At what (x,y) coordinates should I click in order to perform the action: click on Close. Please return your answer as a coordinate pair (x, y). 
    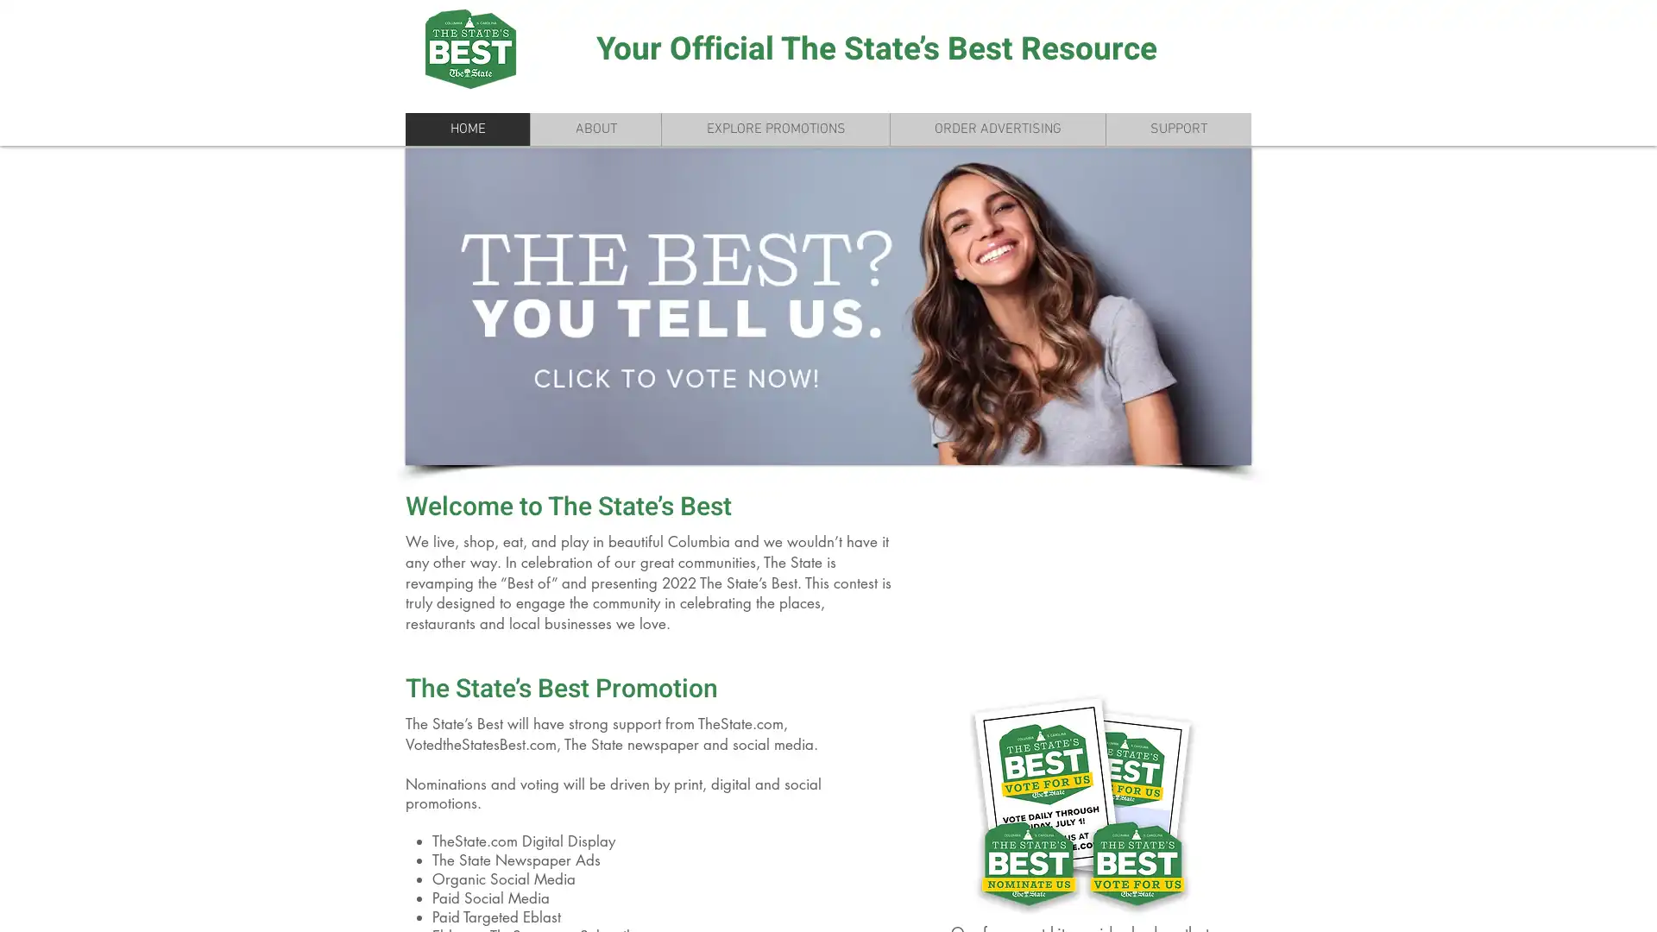
    Looking at the image, I should click on (1635, 904).